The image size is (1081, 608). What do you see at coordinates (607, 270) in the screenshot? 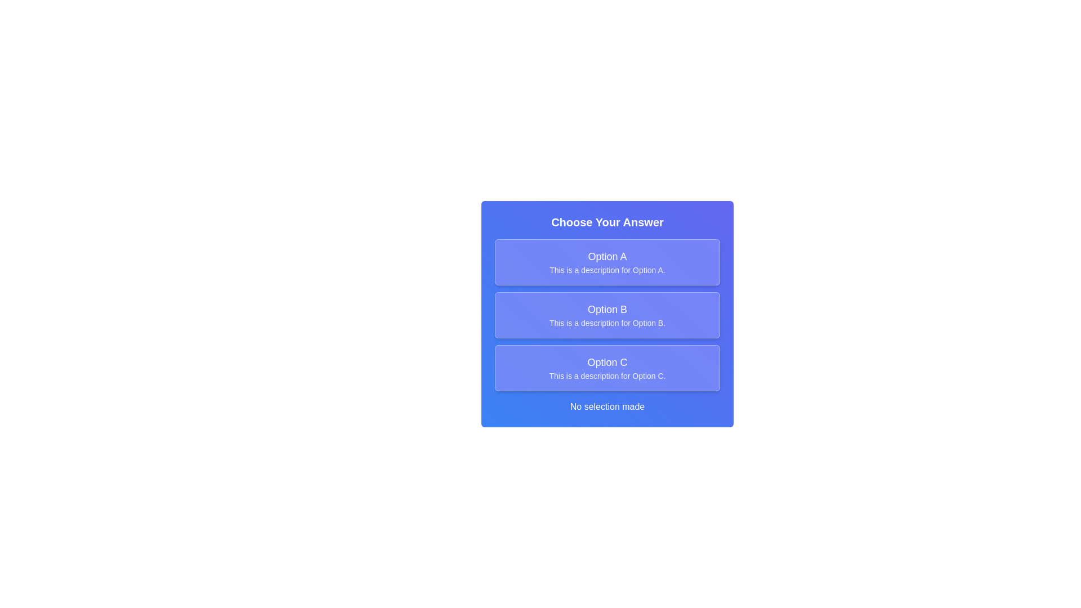
I see `text label that provides additional information about 'Option A', which is positioned directly beneath it in the selection menu` at bounding box center [607, 270].